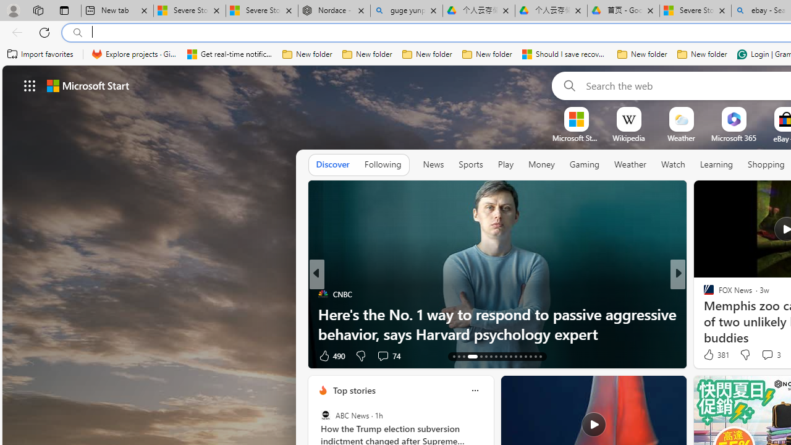  Describe the element at coordinates (525, 357) in the screenshot. I see `'AutomationID: tab-26'` at that location.